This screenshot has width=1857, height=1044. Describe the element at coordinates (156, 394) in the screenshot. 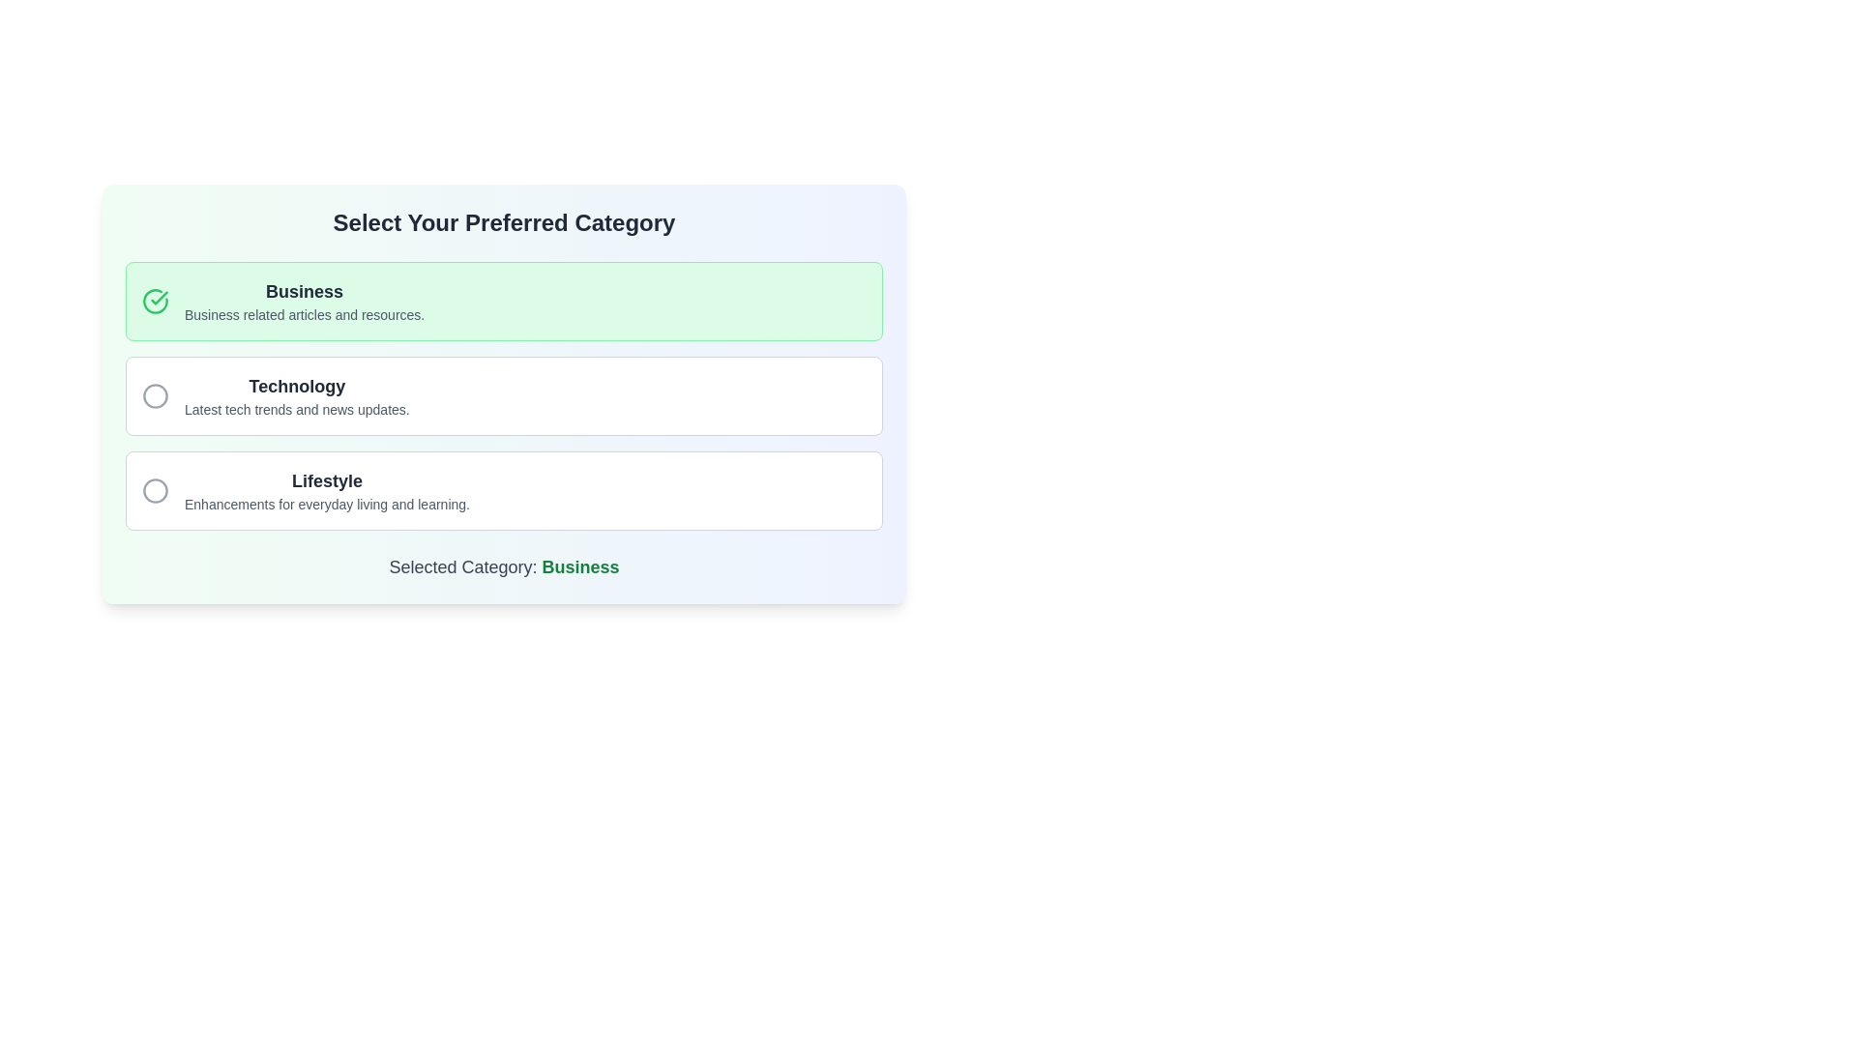

I see `the circular icon with a gray border located to the left of the 'Technology' text` at that location.